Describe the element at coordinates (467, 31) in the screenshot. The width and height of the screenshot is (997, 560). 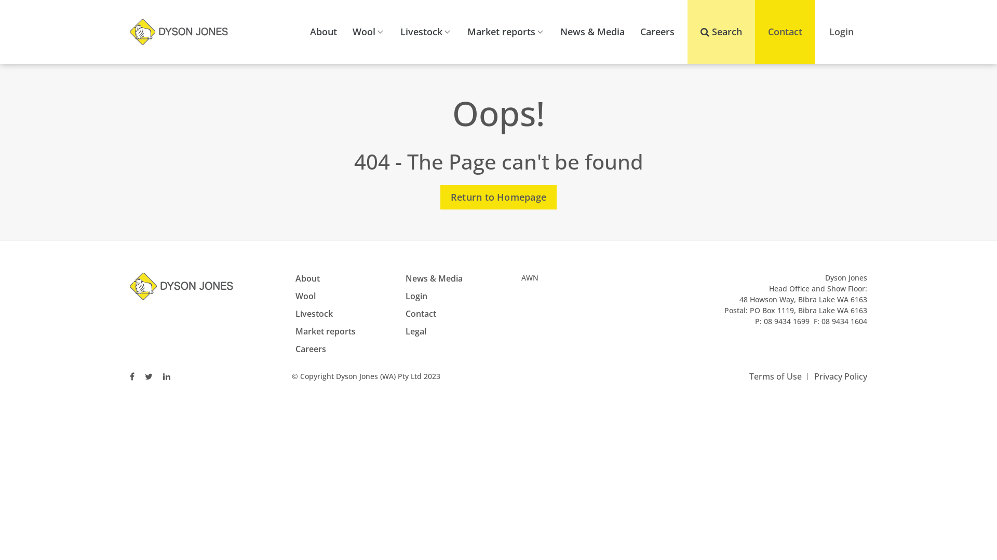
I see `'Market reports'` at that location.